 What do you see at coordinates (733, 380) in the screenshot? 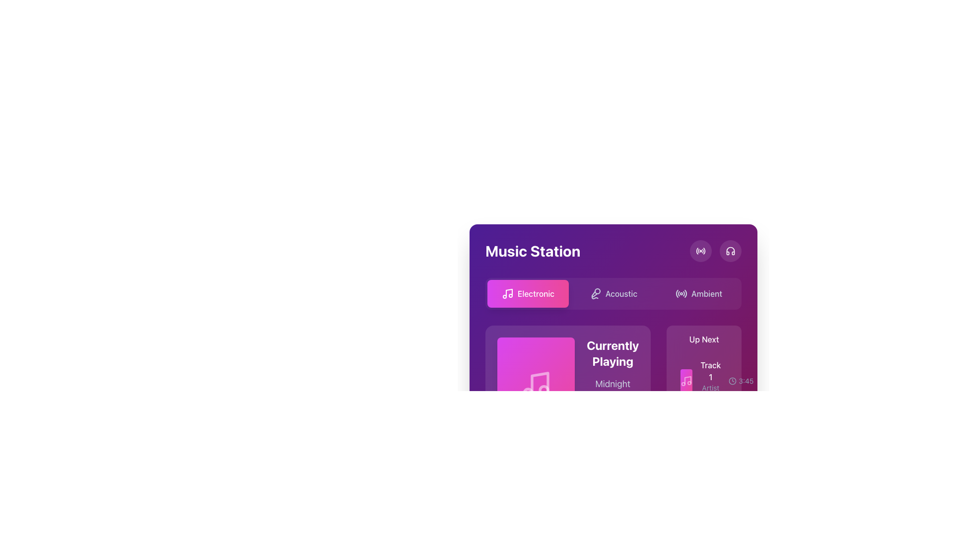
I see `the clock icon, which is a small circular outline with clock hands, located to the left of the text '3:45' near the bottom-right of the interface` at bounding box center [733, 380].